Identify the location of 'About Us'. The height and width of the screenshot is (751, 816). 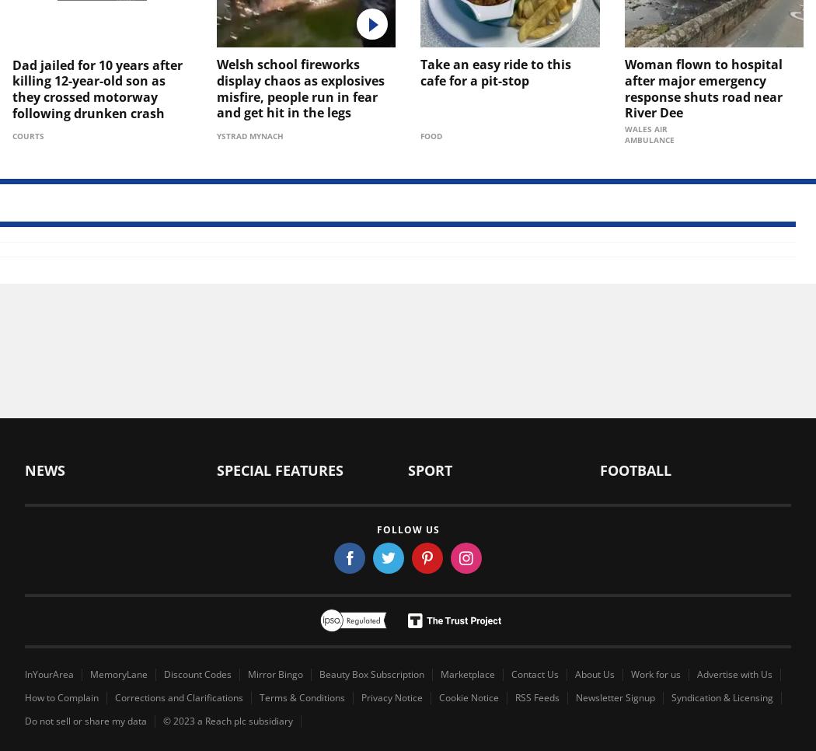
(595, 674).